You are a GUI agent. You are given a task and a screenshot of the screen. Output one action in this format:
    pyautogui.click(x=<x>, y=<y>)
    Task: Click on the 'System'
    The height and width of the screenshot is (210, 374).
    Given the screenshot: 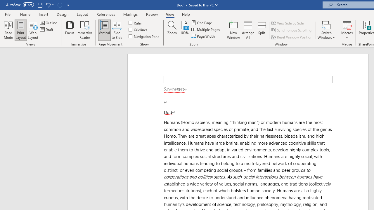 What is the action you would take?
    pyautogui.click(x=3, y=3)
    